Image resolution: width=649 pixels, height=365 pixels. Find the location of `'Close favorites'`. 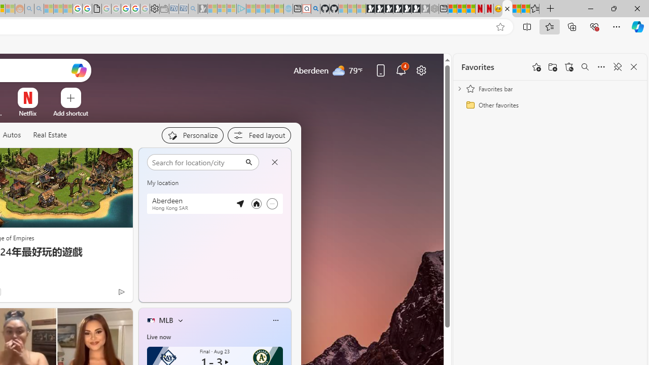

'Close favorites' is located at coordinates (633, 67).